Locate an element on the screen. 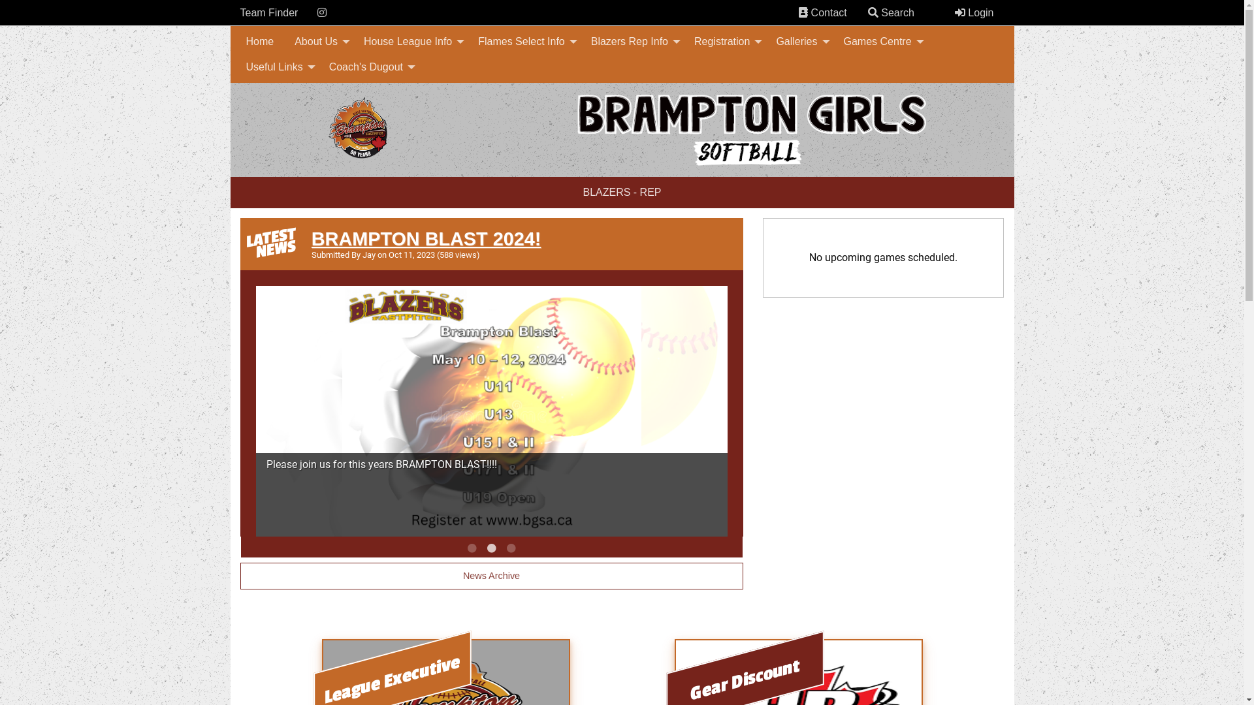  ' Search' is located at coordinates (890, 12).